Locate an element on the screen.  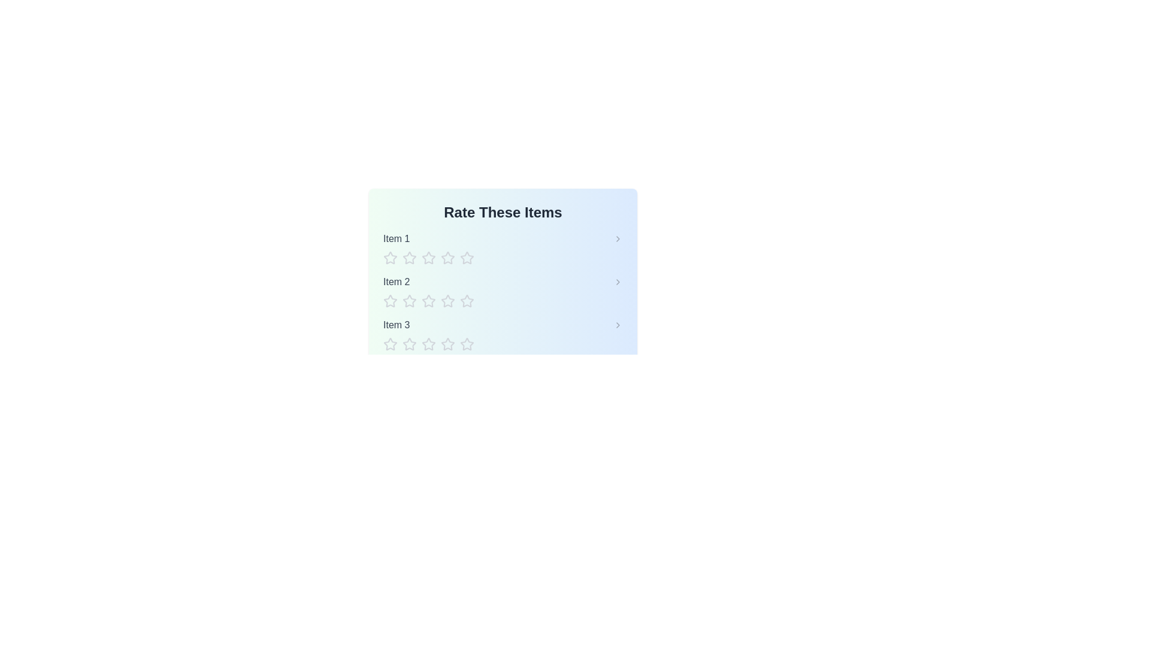
the star corresponding to the rating 3 for item Item 1 is located at coordinates (428, 258).